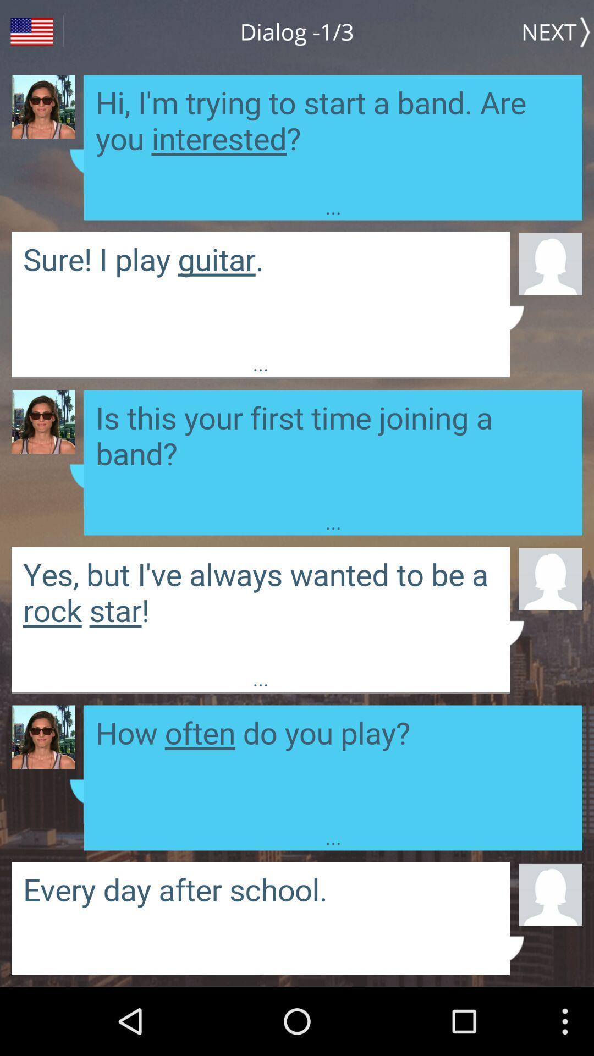 The image size is (594, 1056). I want to click on next icon, so click(558, 31).